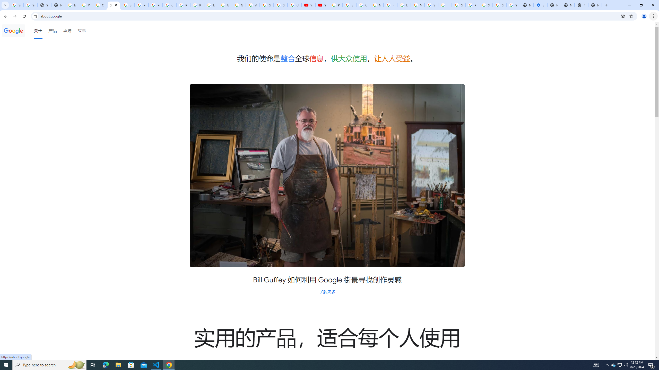 The width and height of the screenshot is (659, 370). I want to click on 'Google Ads - Sign in', so click(458, 5).